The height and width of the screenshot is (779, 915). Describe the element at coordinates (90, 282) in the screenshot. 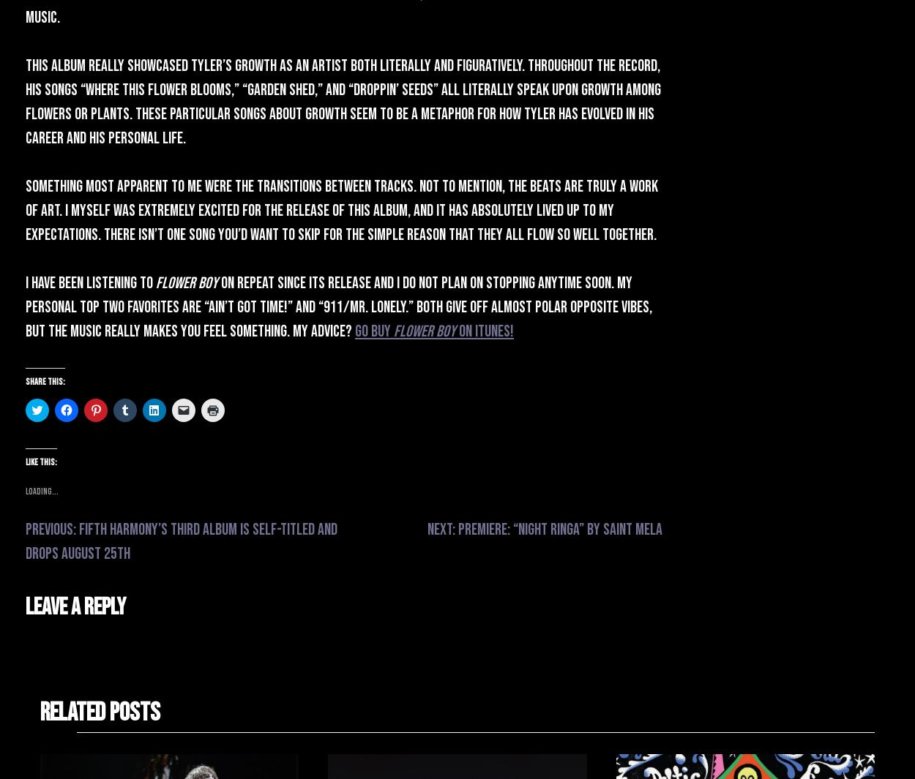

I see `'I have been listening to'` at that location.